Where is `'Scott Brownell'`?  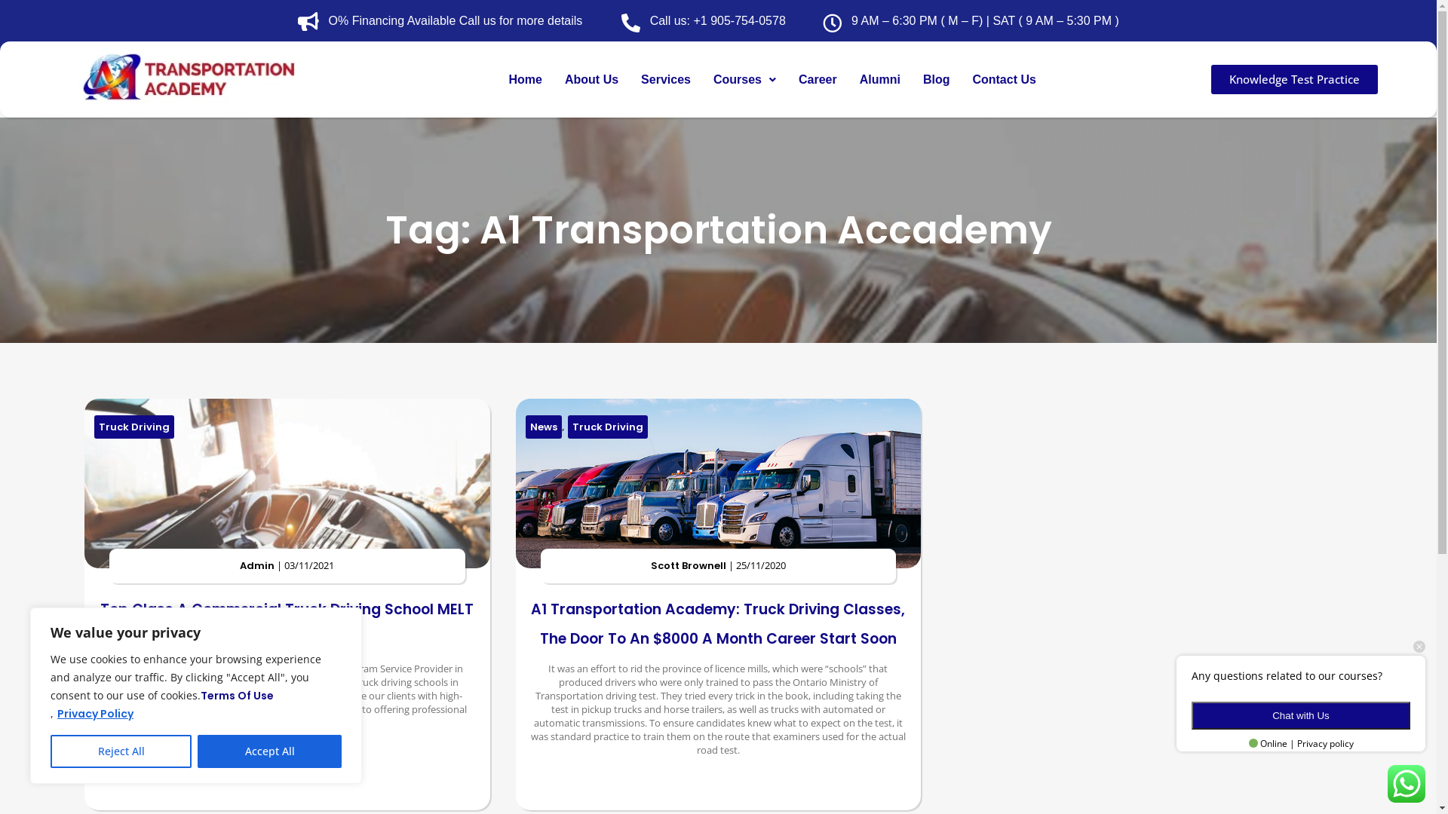
'Scott Brownell' is located at coordinates (687, 565).